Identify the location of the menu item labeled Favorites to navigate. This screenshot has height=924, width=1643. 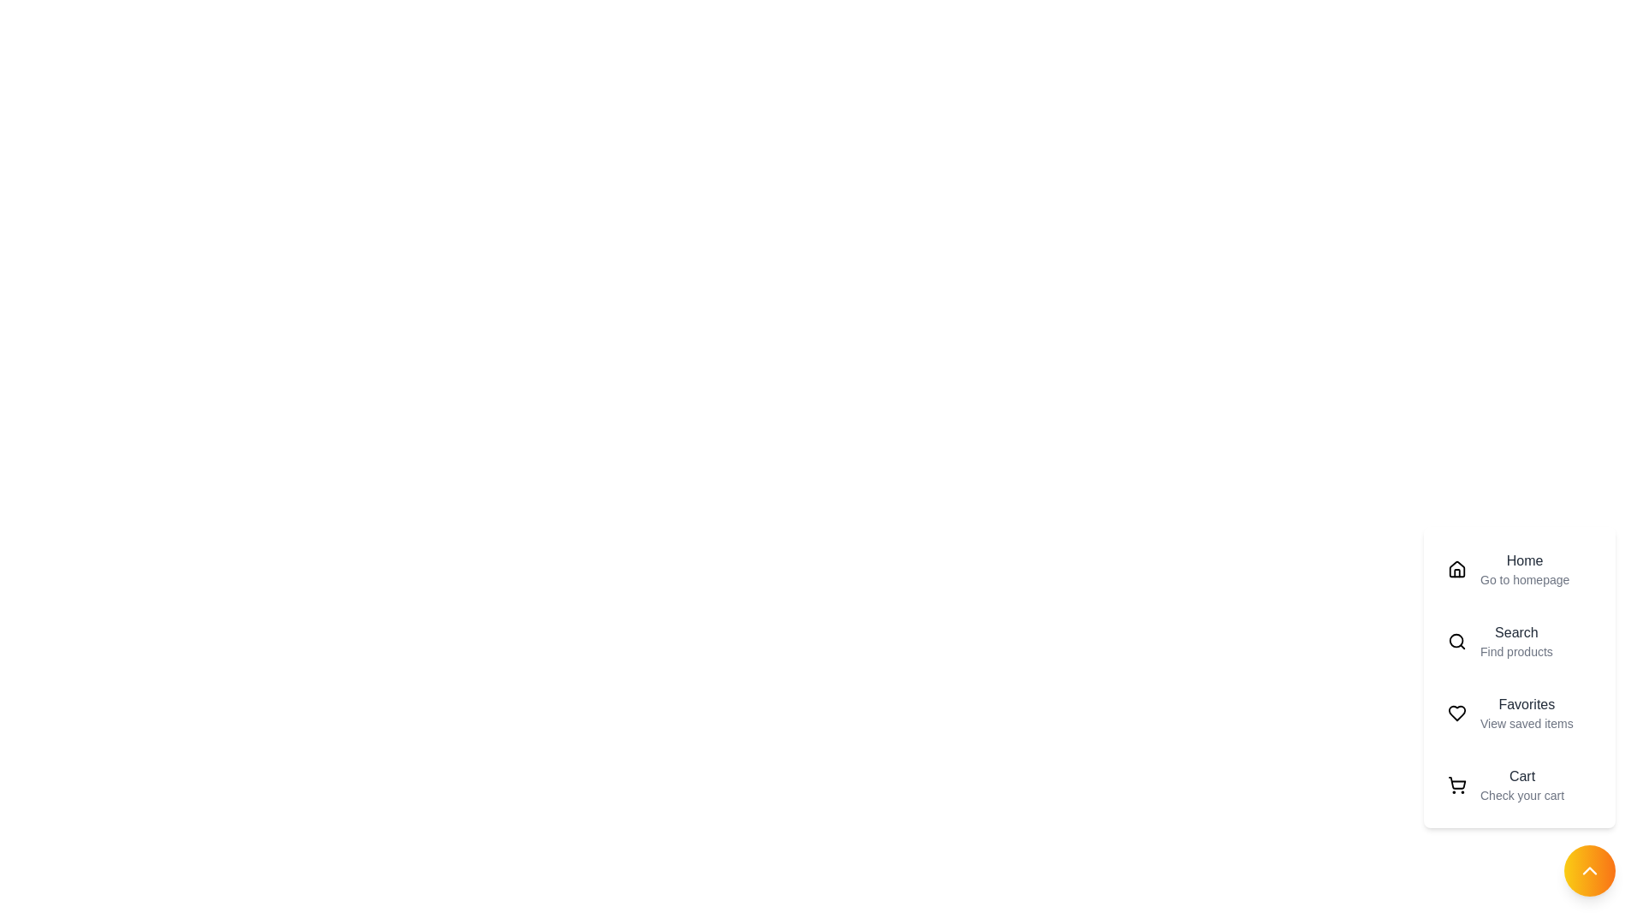
(1520, 713).